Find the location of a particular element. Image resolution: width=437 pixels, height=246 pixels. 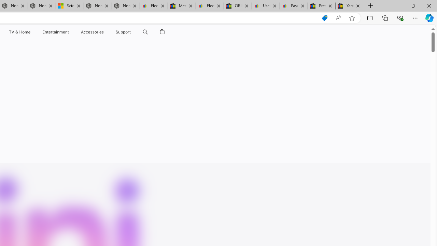

'Overview' is located at coordinates (102, 48).